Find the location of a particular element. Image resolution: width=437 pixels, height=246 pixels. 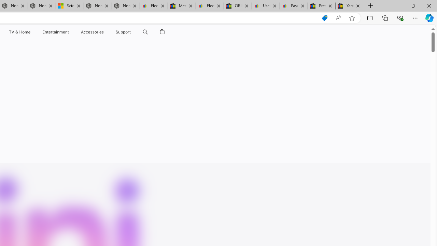

'Overview' is located at coordinates (102, 48).